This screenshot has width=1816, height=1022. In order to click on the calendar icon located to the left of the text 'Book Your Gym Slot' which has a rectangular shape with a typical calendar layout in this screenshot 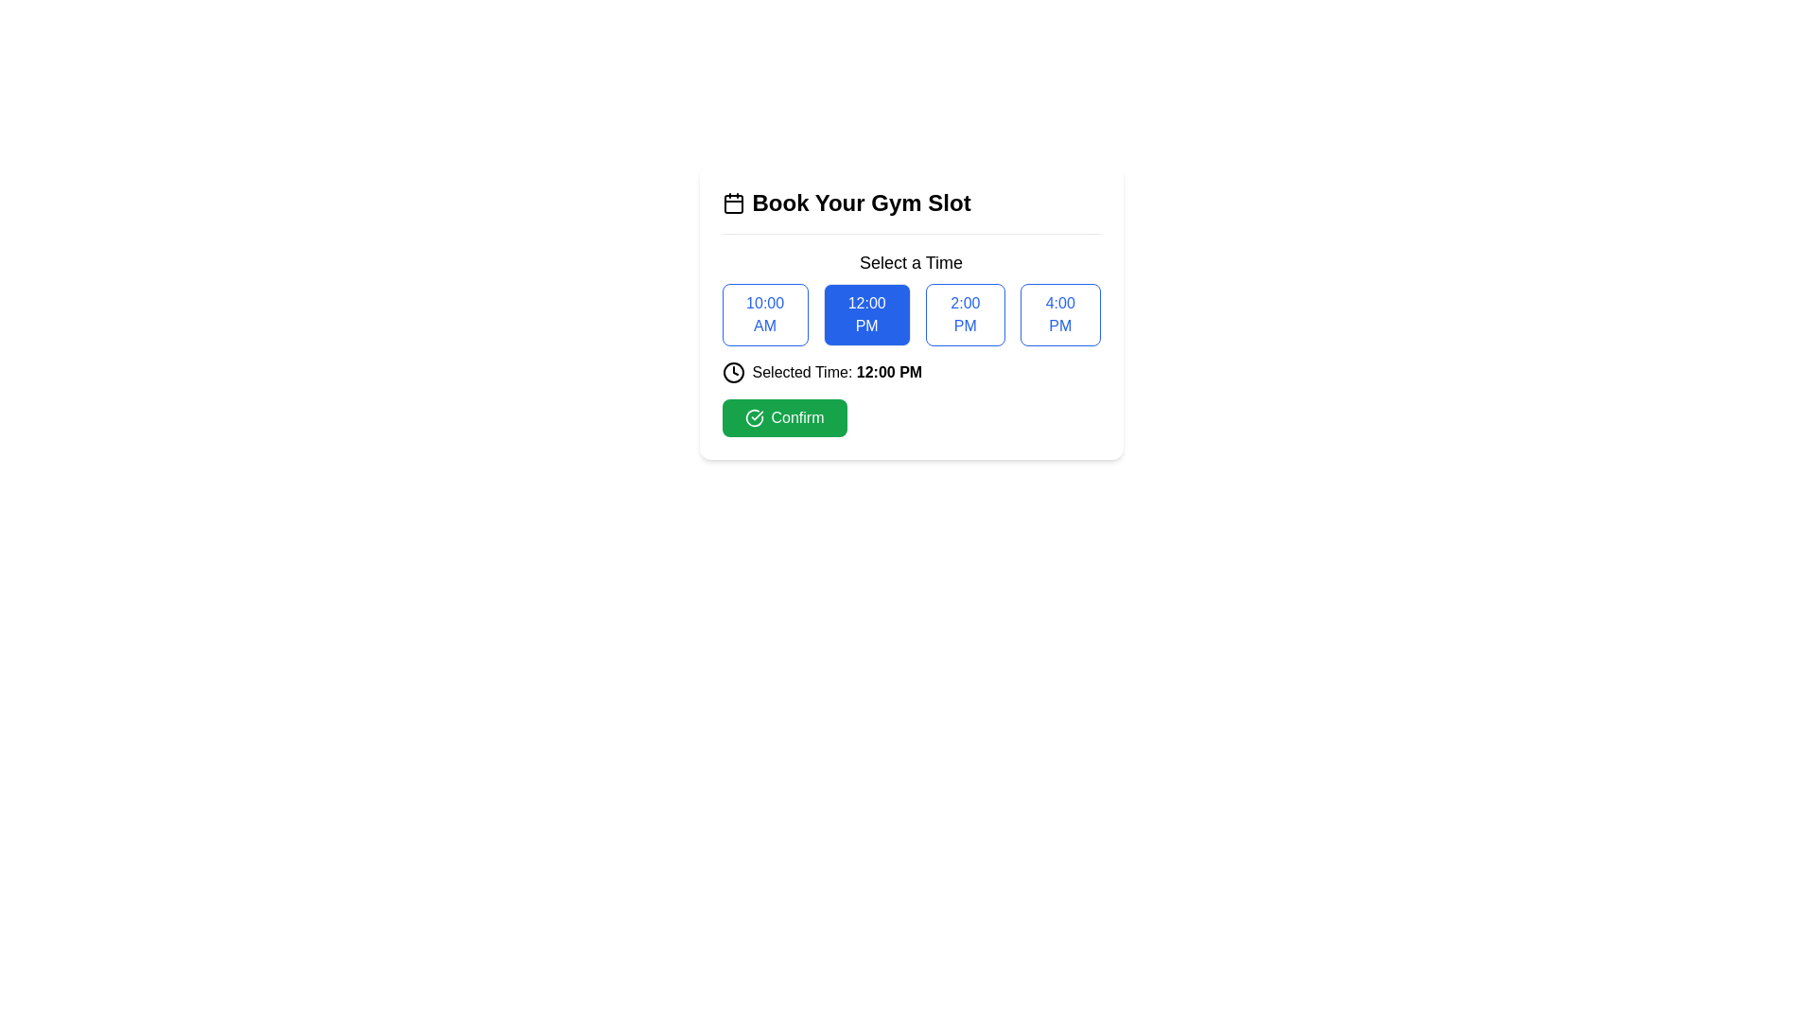, I will do `click(732, 203)`.